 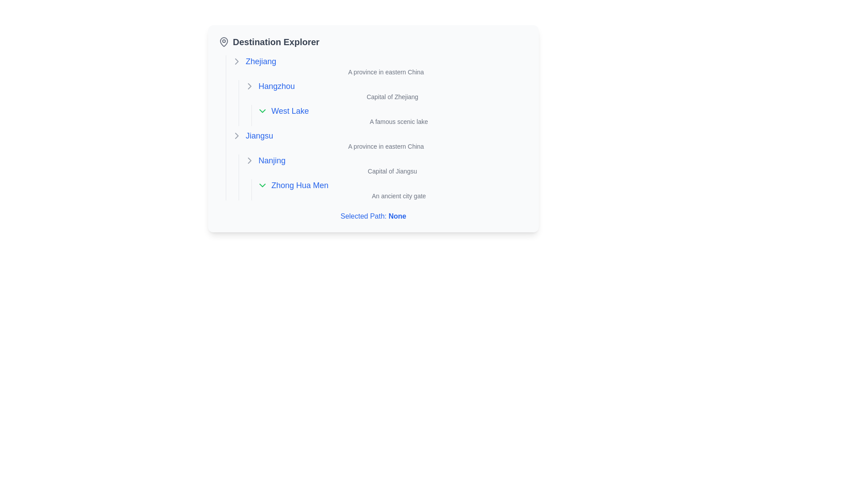 What do you see at coordinates (392, 110) in the screenshot?
I see `the clickable link for 'West Lake' located in the list under 'Hangzhou'` at bounding box center [392, 110].